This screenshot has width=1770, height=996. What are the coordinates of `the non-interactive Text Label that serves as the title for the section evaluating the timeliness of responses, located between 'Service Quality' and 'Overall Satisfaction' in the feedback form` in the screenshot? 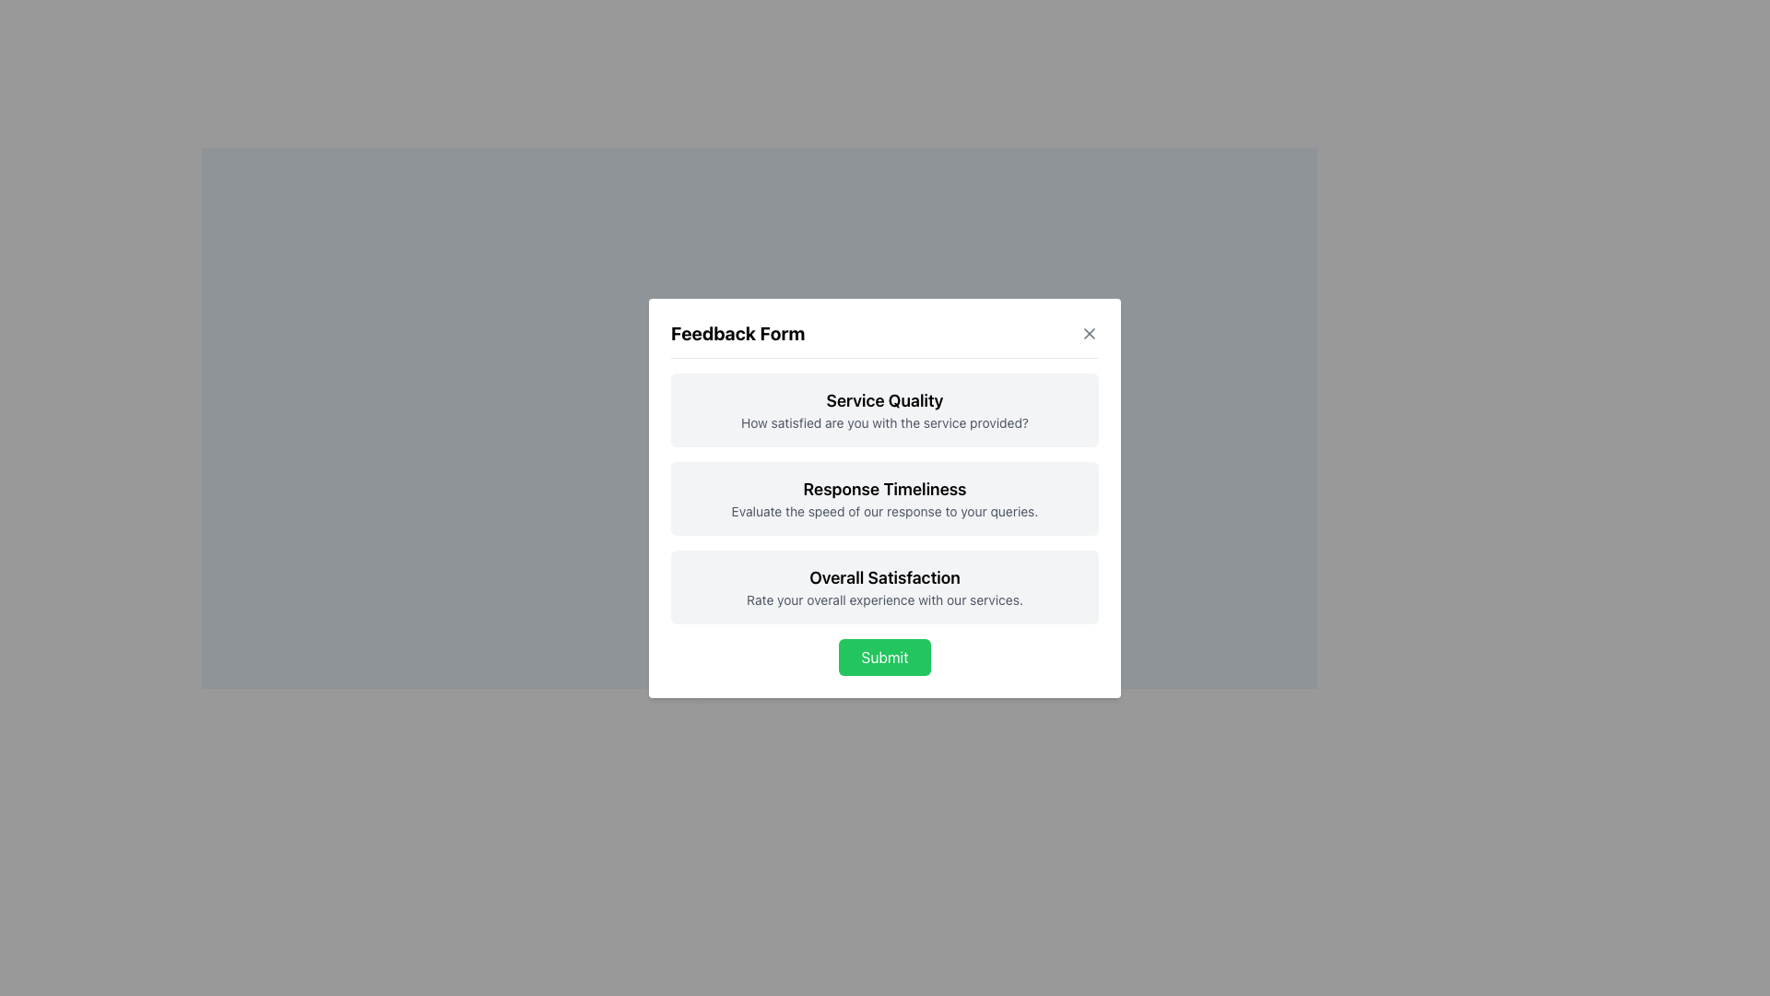 It's located at (885, 487).